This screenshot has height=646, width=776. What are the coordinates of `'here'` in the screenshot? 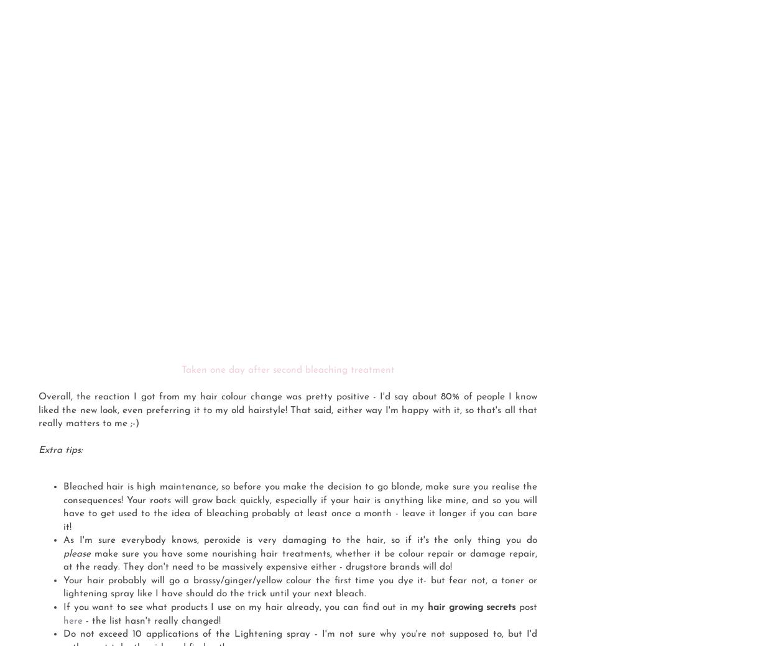 It's located at (62, 621).